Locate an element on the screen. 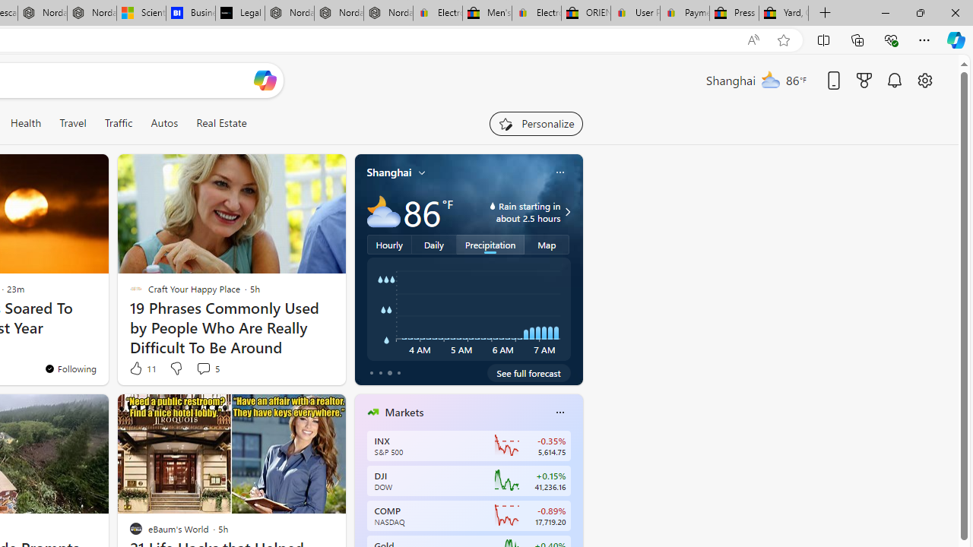 Image resolution: width=973 pixels, height=547 pixels. 'My location' is located at coordinates (422, 172).